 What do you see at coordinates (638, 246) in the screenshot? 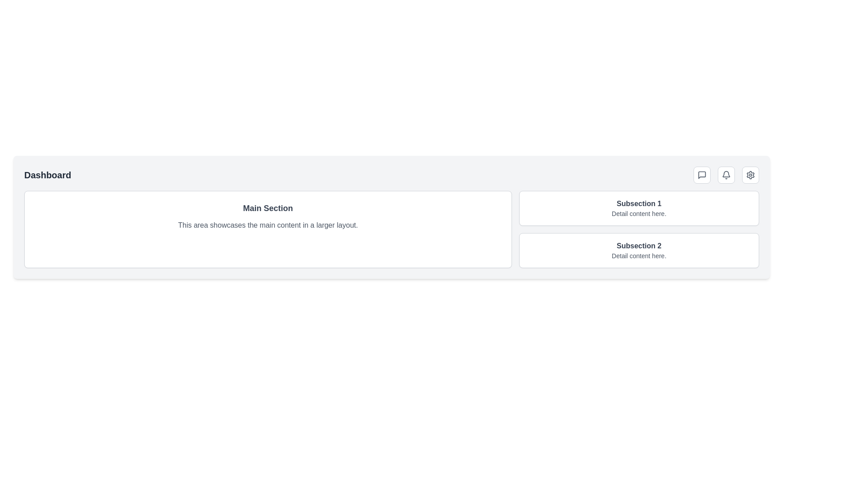
I see `text from the Text Label located in the middle-right section of the interface, above the 'Detail content here.' text element` at bounding box center [638, 246].